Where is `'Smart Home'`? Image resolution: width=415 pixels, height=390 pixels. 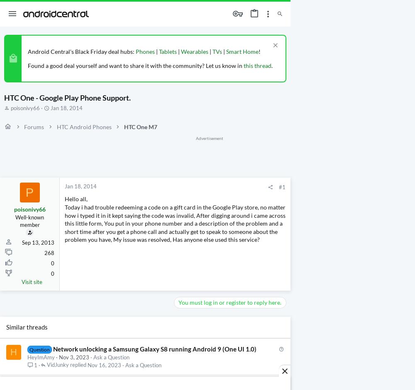 'Smart Home' is located at coordinates (242, 51).